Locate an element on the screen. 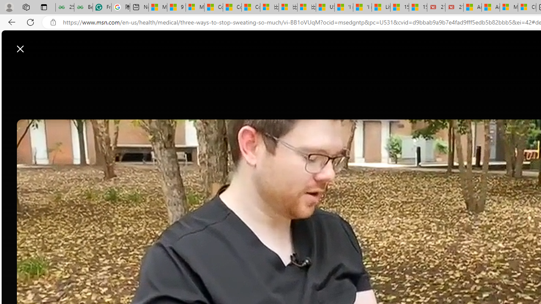 This screenshot has height=304, width=541. 'Class: control icon-only' is located at coordinates (20, 49).